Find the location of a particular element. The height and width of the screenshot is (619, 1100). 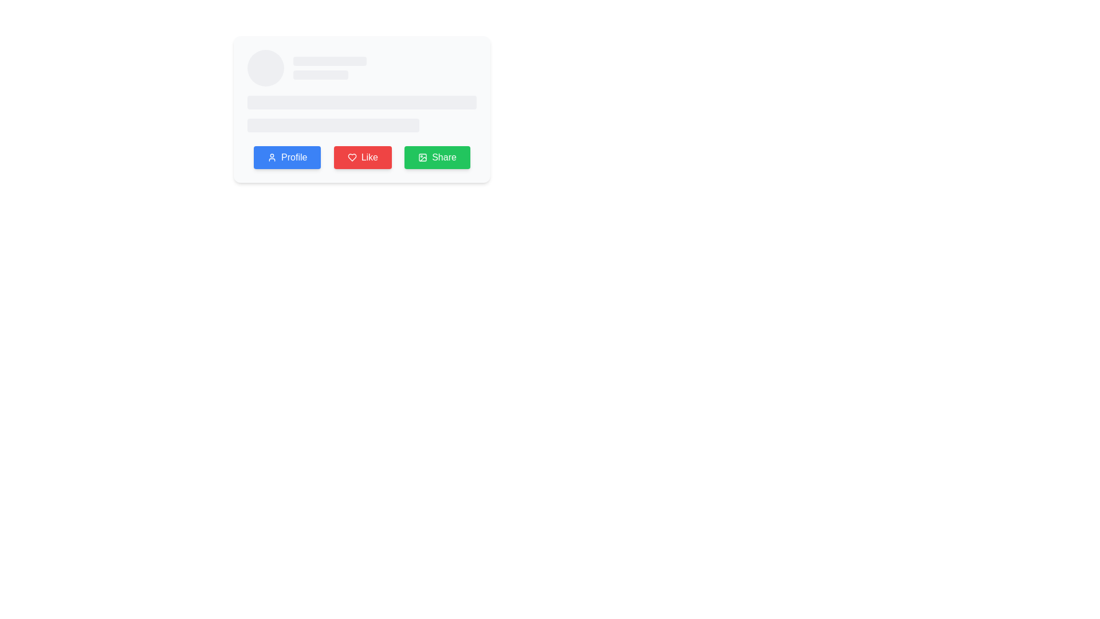

the 'Share' button icon, which is the first item in the button's content and visually indicates an image-related action is located at coordinates (422, 157).